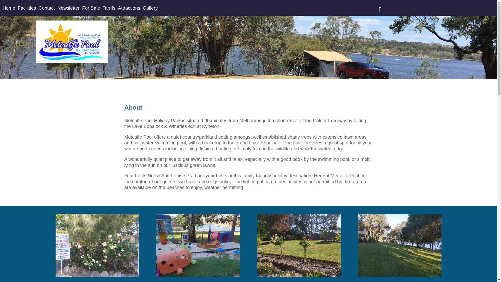 The height and width of the screenshot is (282, 501). I want to click on 'Gallery', so click(143, 8).